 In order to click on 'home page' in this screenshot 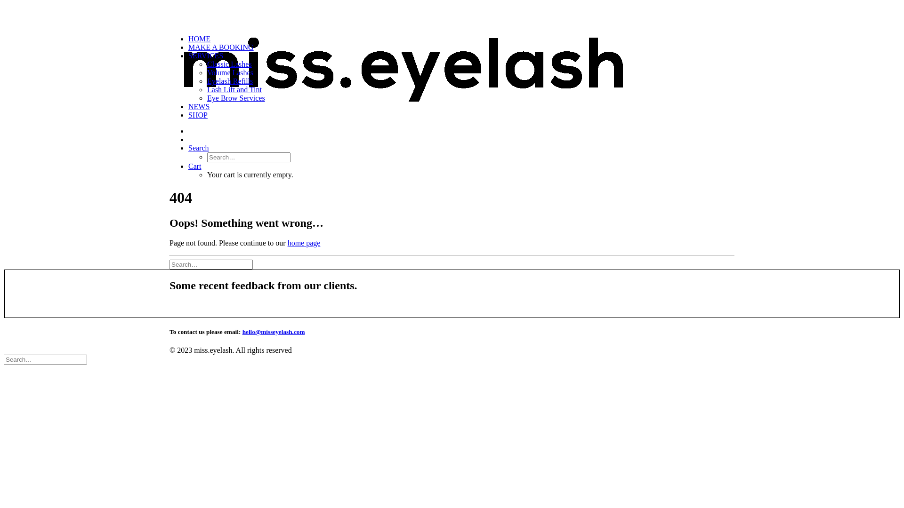, I will do `click(304, 242)`.